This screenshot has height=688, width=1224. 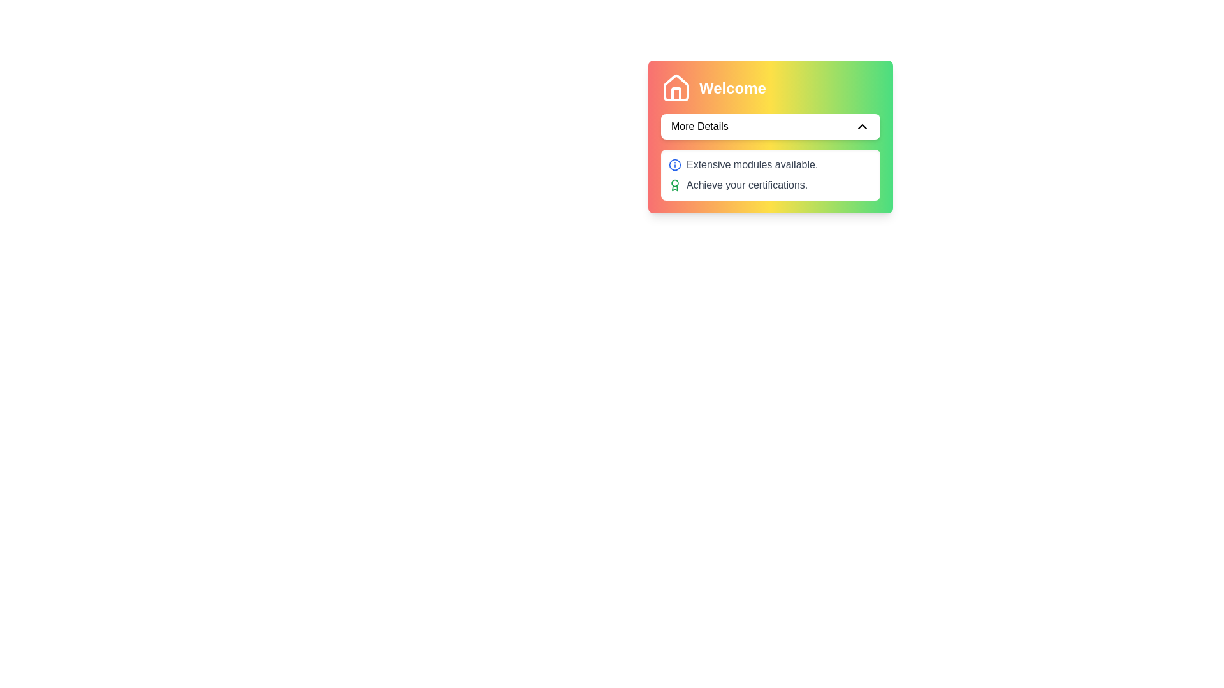 What do you see at coordinates (675, 87) in the screenshot?
I see `the house-shaped icon with a bold outline located in the top-left corner of the 'Welcome' card` at bounding box center [675, 87].